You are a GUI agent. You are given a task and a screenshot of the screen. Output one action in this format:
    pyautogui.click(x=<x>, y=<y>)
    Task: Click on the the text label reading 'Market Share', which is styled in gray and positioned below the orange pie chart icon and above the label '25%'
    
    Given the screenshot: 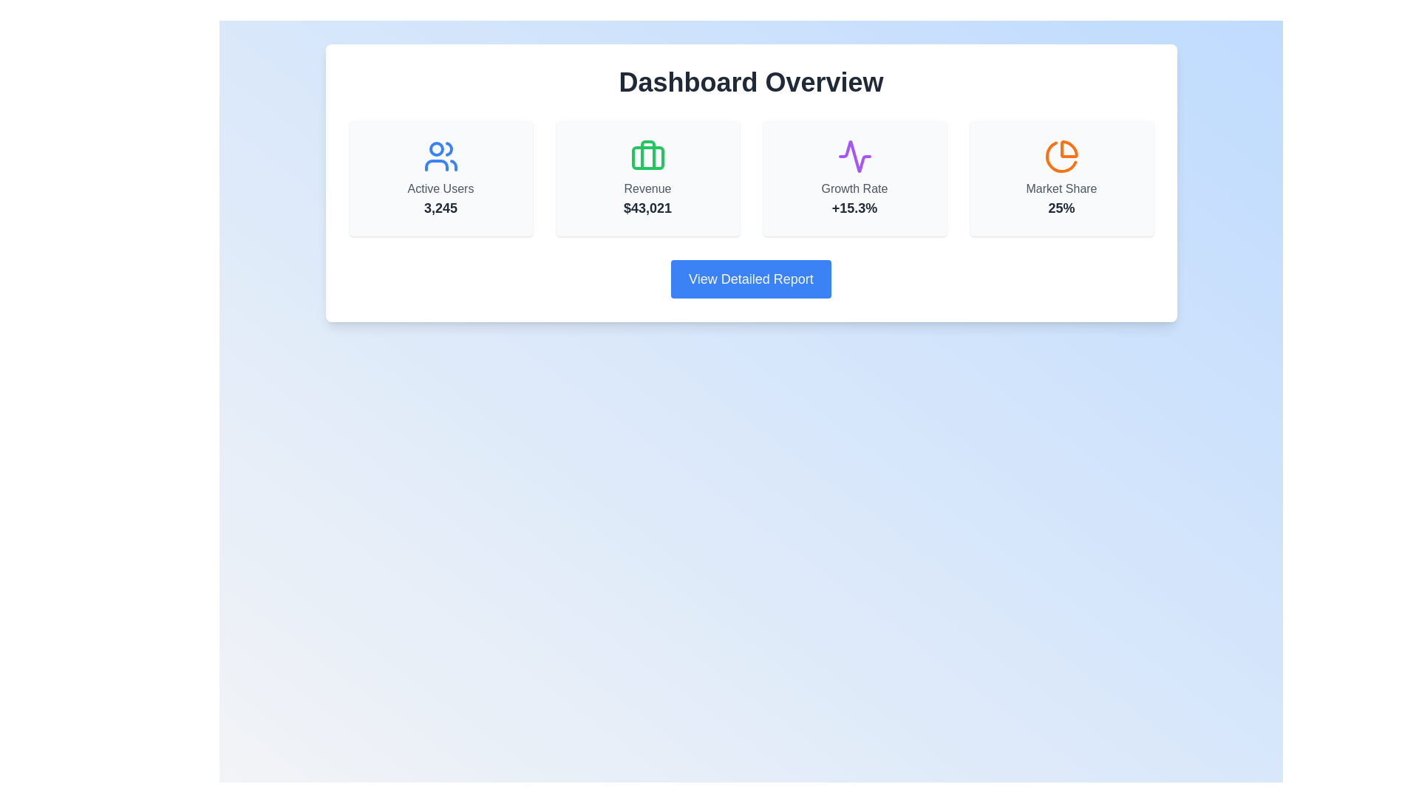 What is the action you would take?
    pyautogui.click(x=1061, y=188)
    